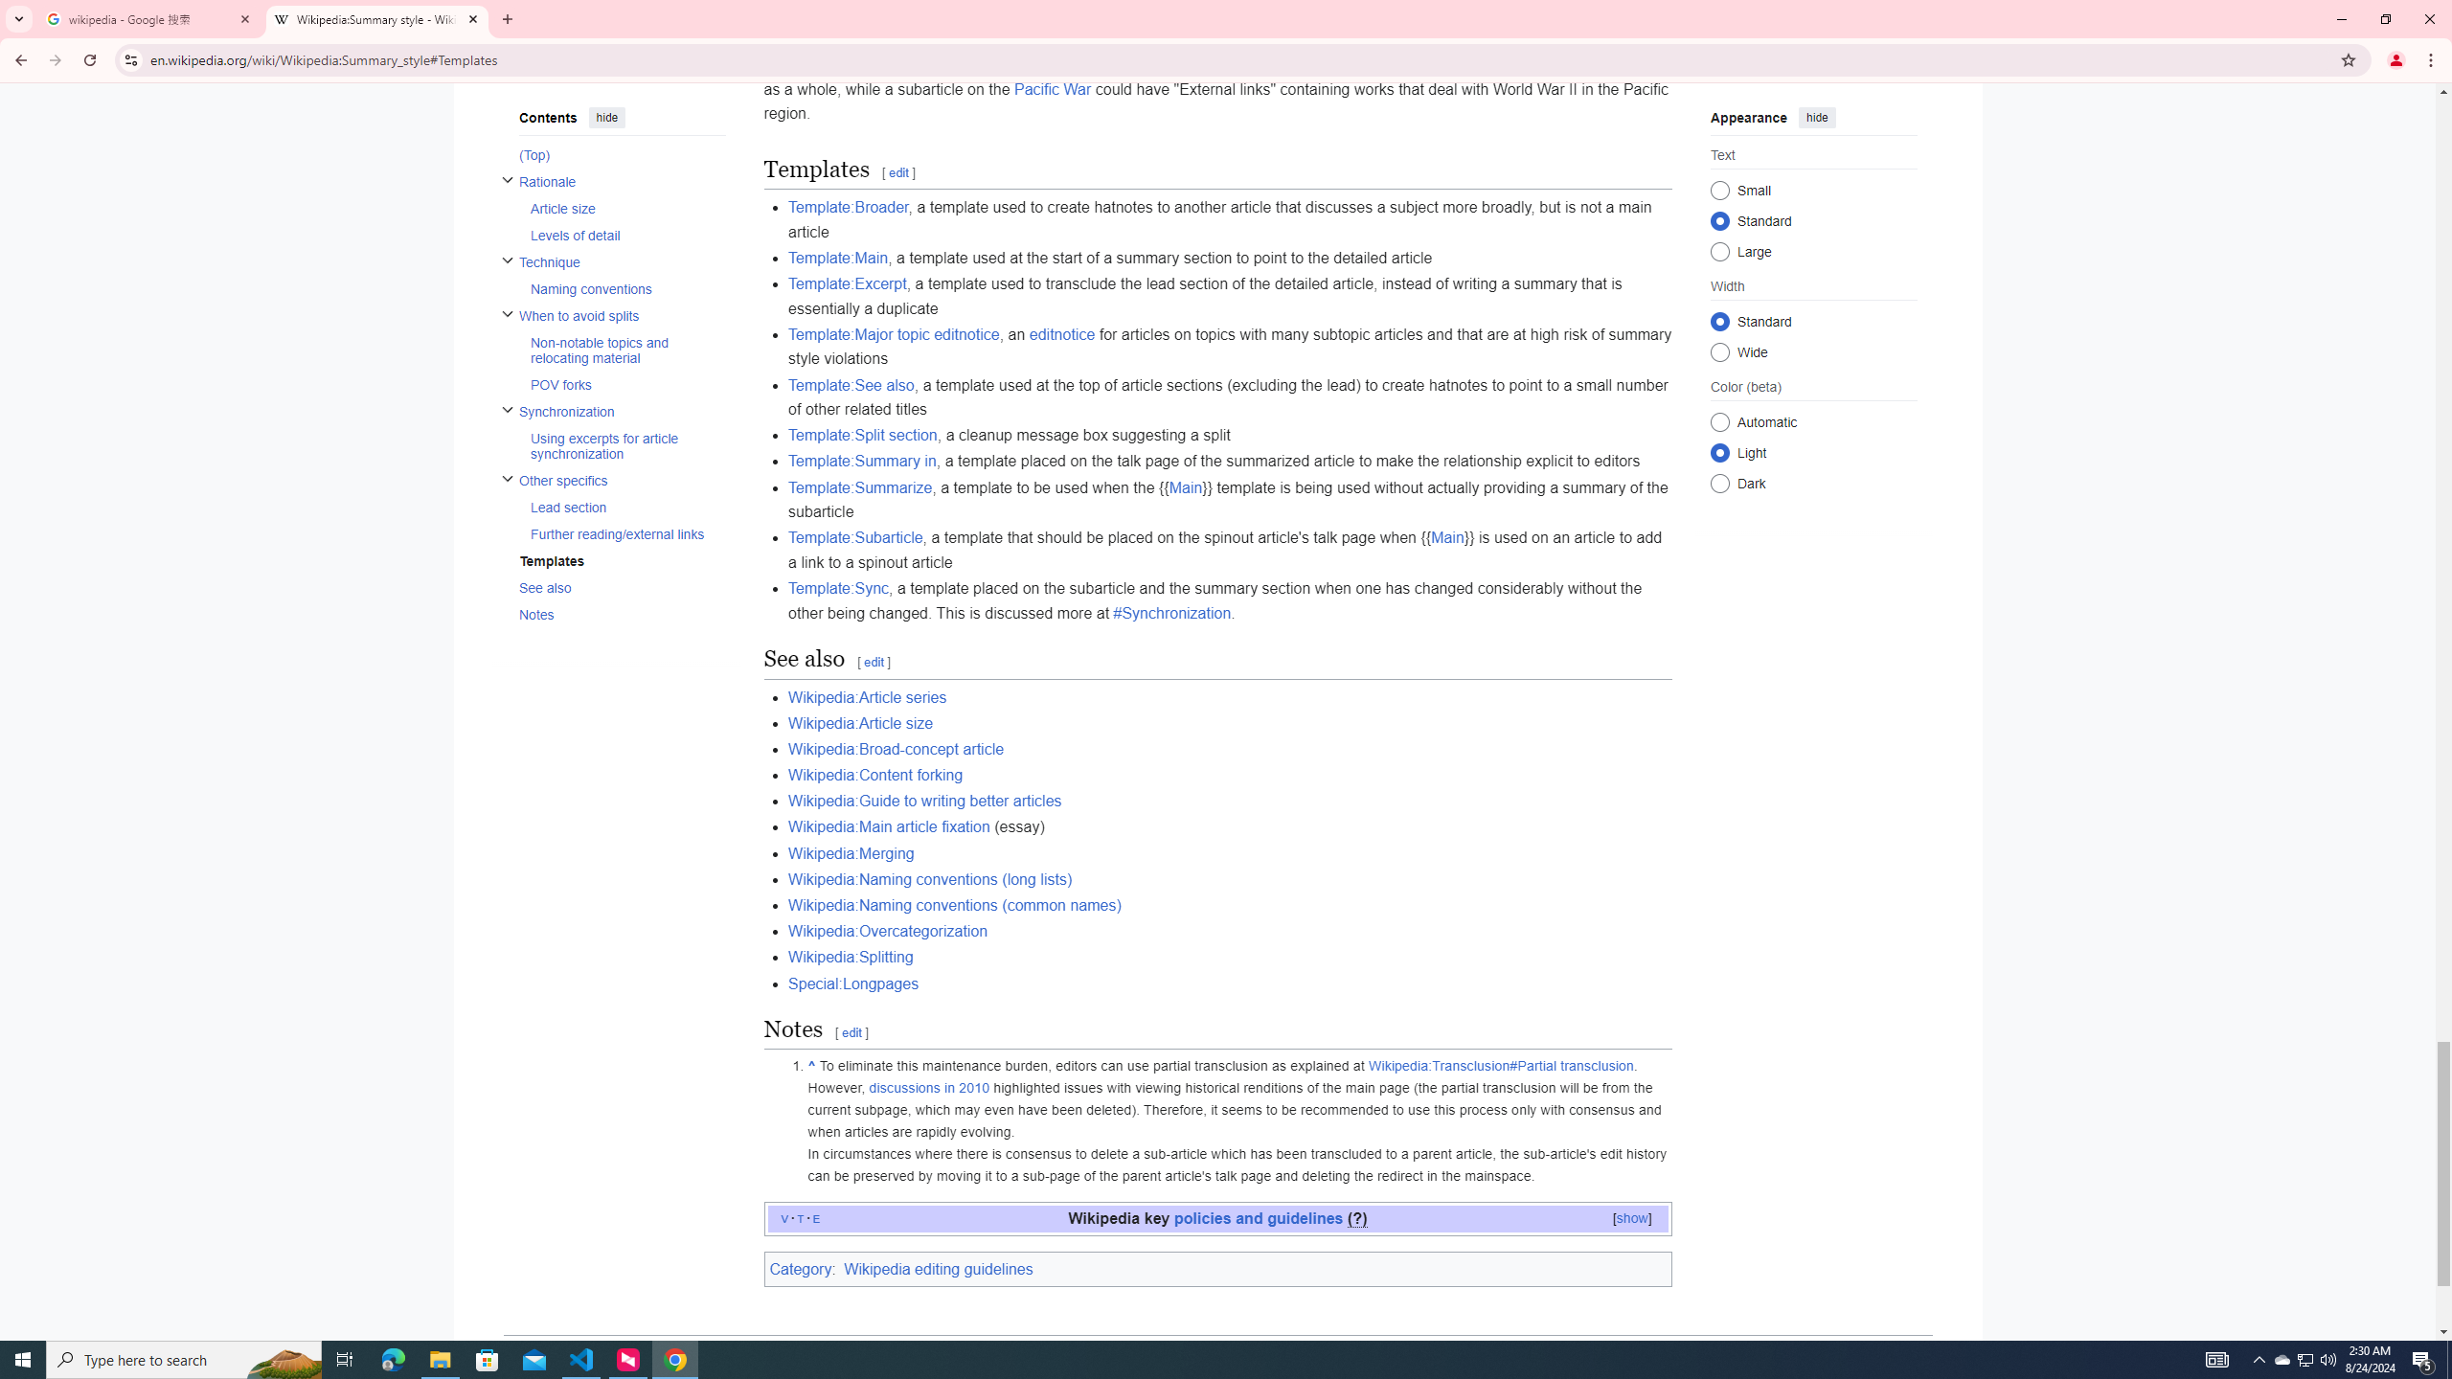 The height and width of the screenshot is (1379, 2452). Describe the element at coordinates (621, 532) in the screenshot. I see `'AutomationID: toc-Further_reading/external_links'` at that location.